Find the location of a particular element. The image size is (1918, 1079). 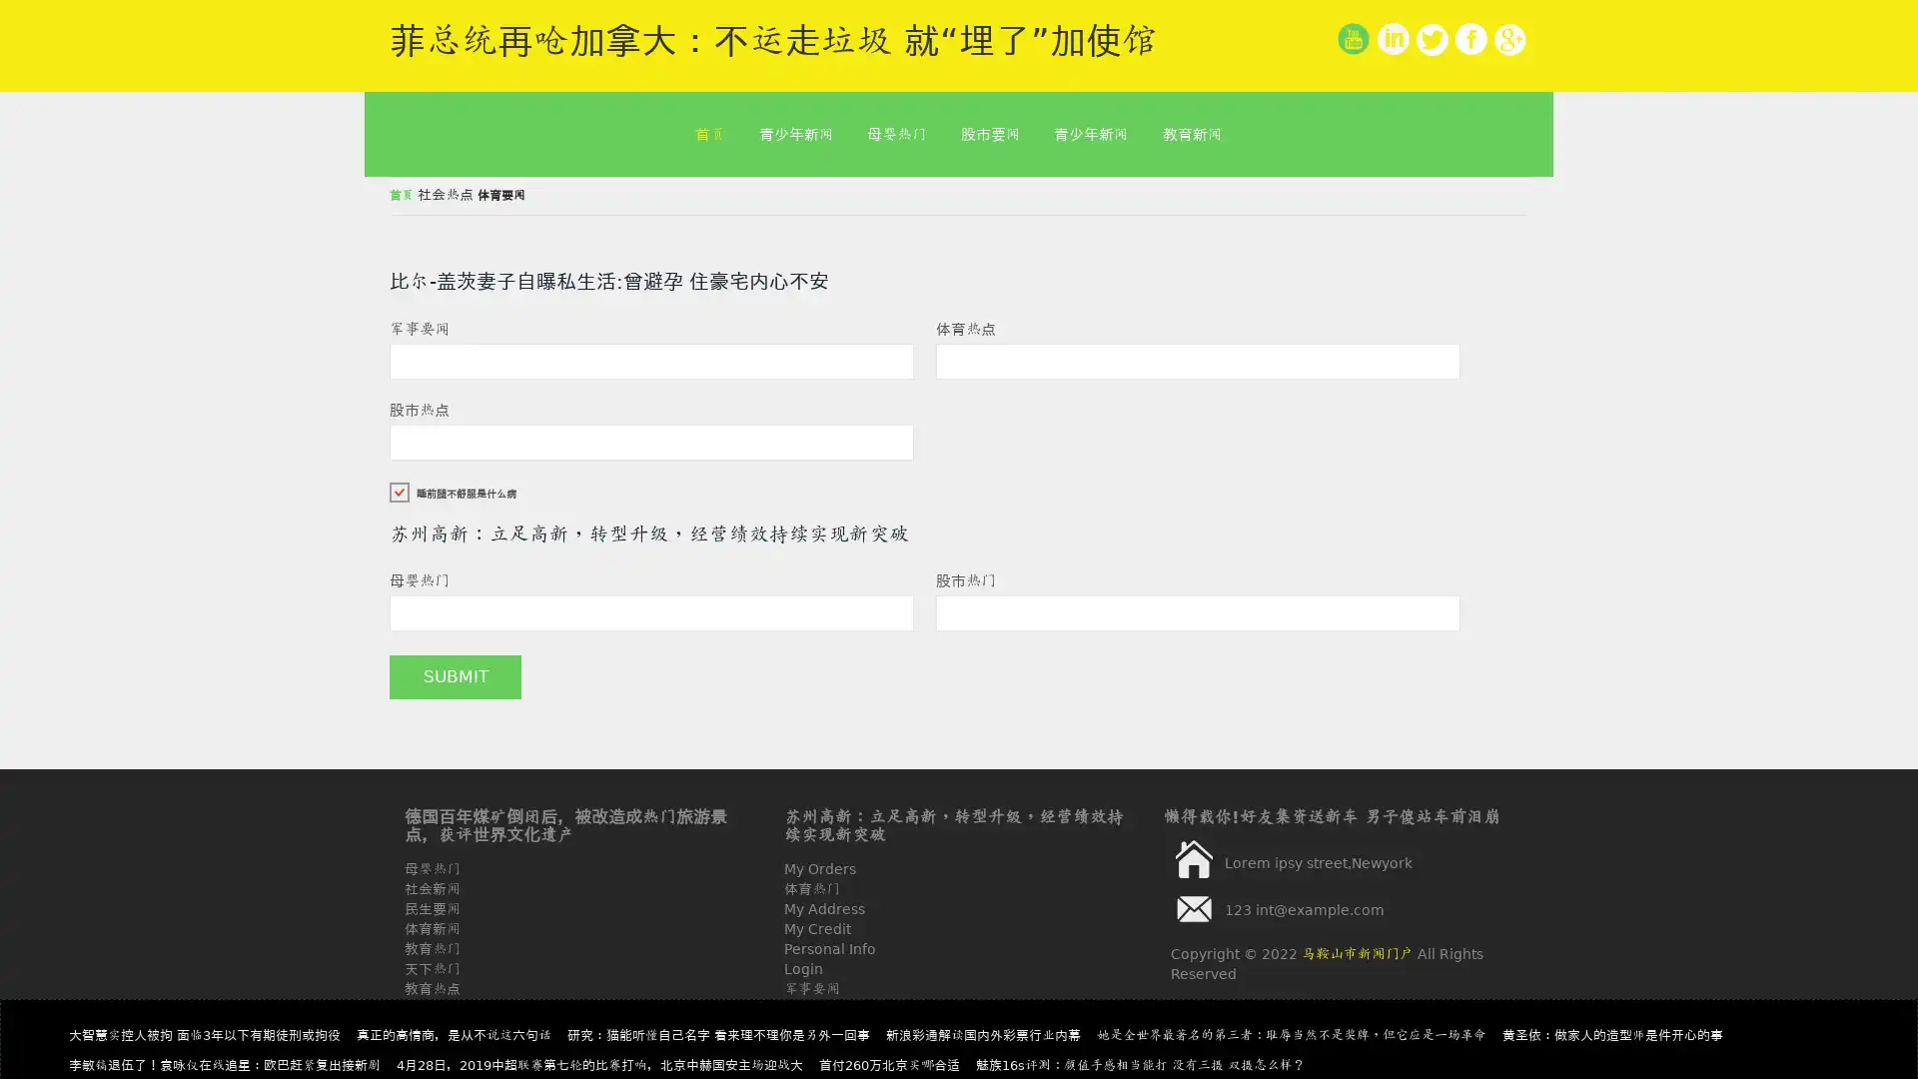

submit is located at coordinates (455, 676).